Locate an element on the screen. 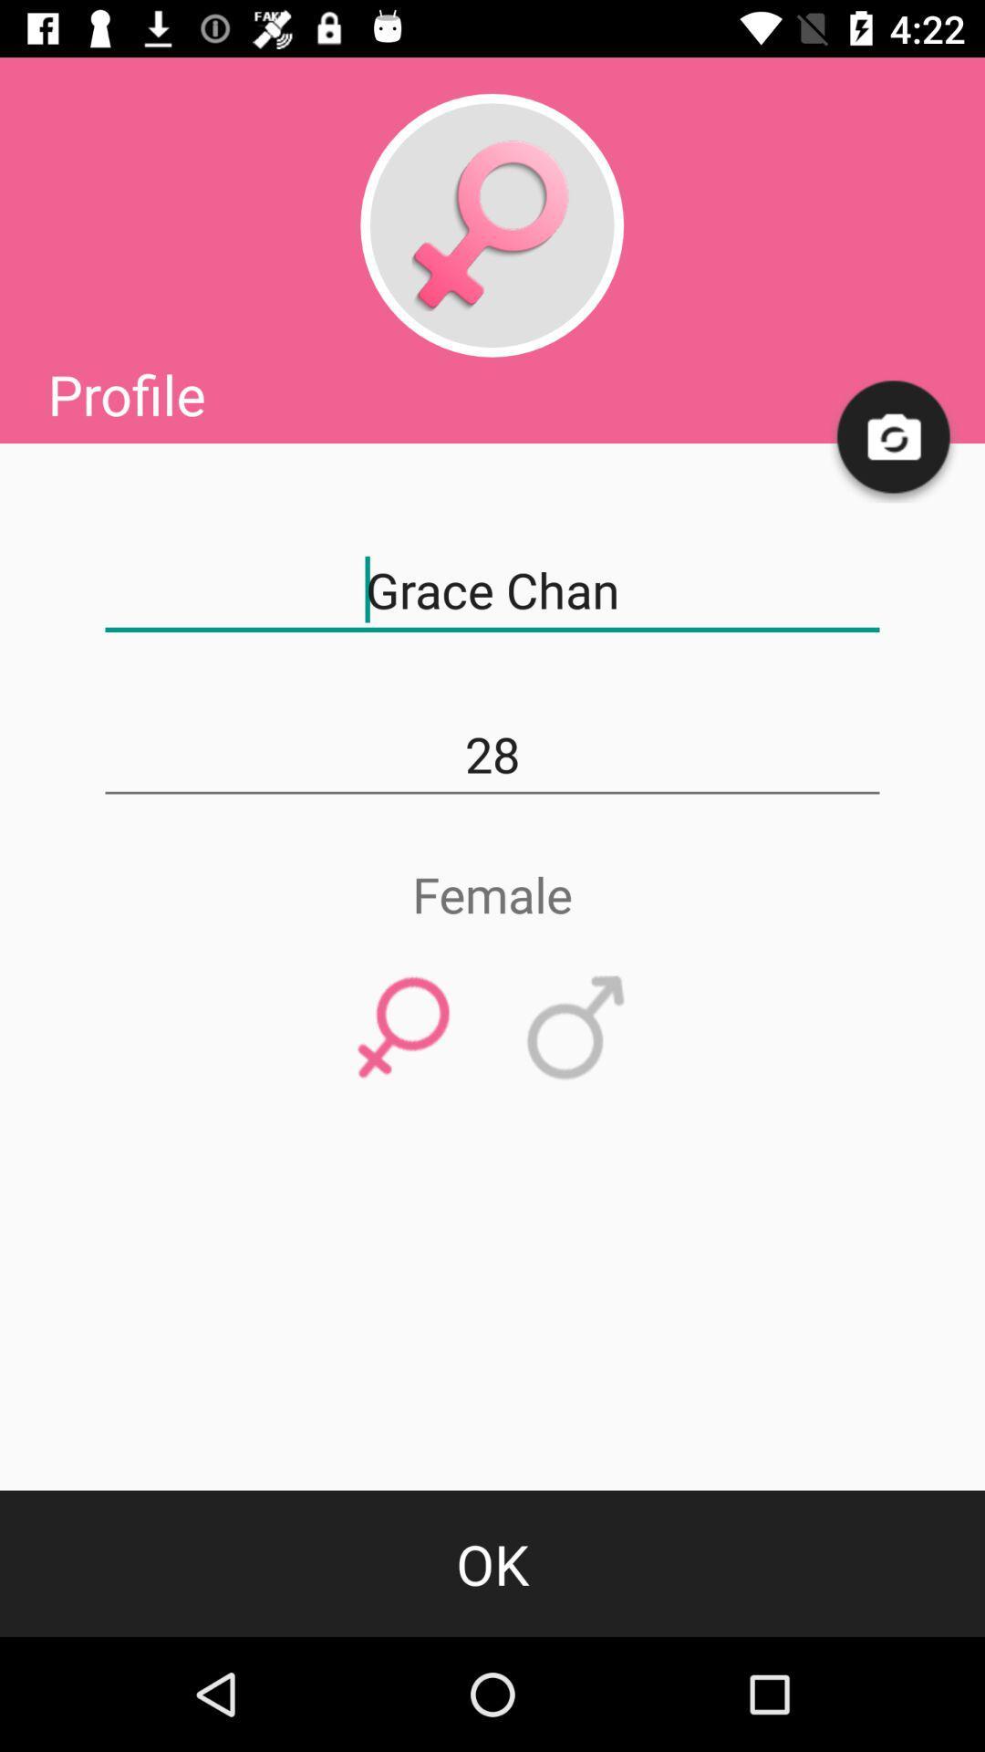  upload profile photo is located at coordinates (894, 438).